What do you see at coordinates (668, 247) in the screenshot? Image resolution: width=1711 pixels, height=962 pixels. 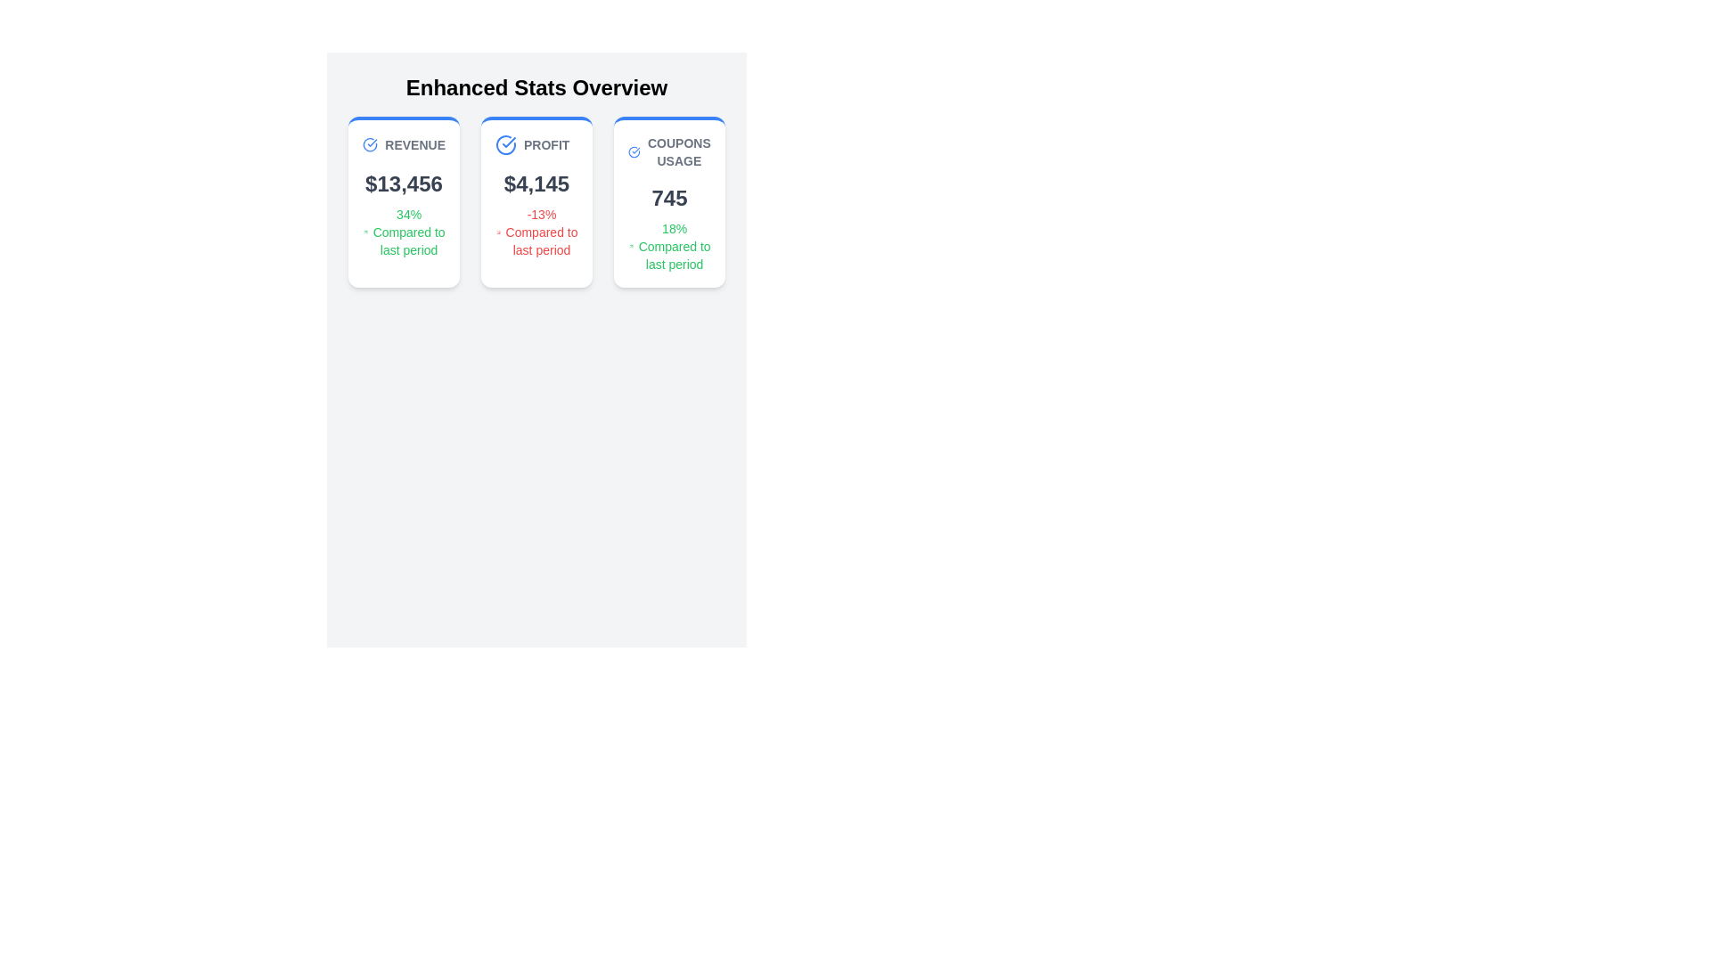 I see `the text with icon indicating a positive change of 18% higher in the 'COUPONS USAGE' card located beneath the number '745' in the 'Enhanced Stats Overview' section` at bounding box center [668, 247].